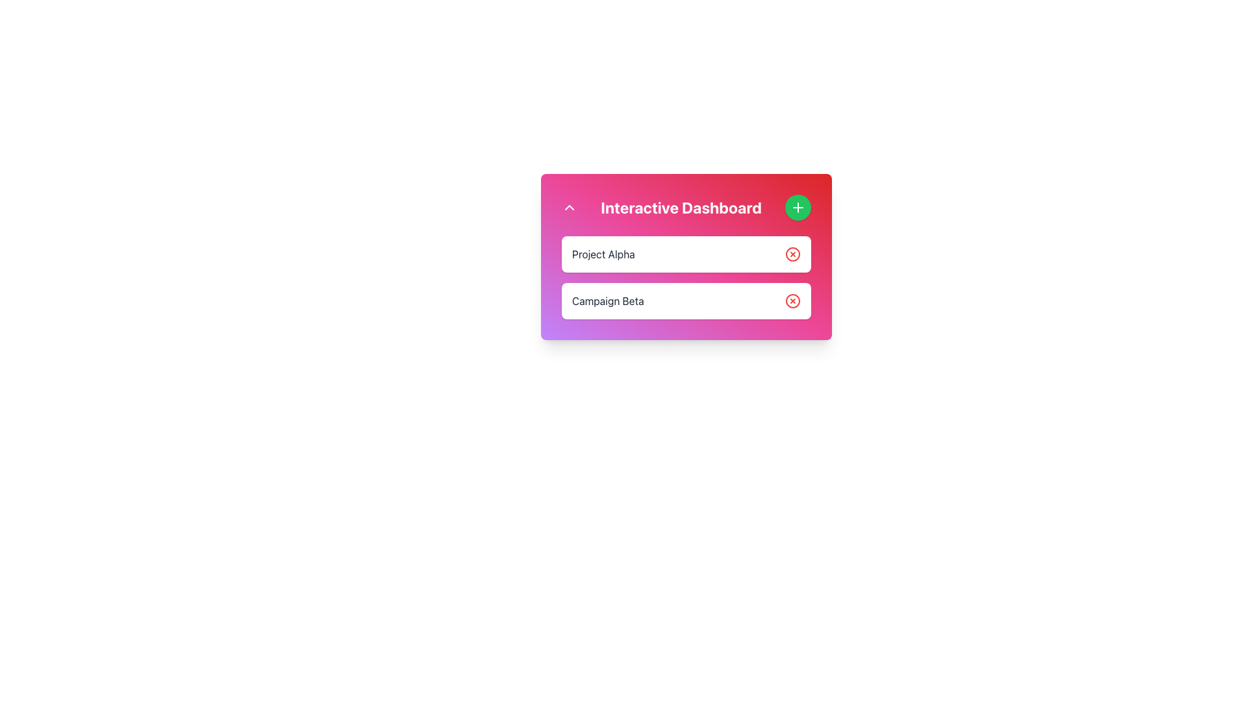 The height and width of the screenshot is (701, 1247). What do you see at coordinates (570, 207) in the screenshot?
I see `the small upwards-pointing chevron icon styled in white against a pink background` at bounding box center [570, 207].